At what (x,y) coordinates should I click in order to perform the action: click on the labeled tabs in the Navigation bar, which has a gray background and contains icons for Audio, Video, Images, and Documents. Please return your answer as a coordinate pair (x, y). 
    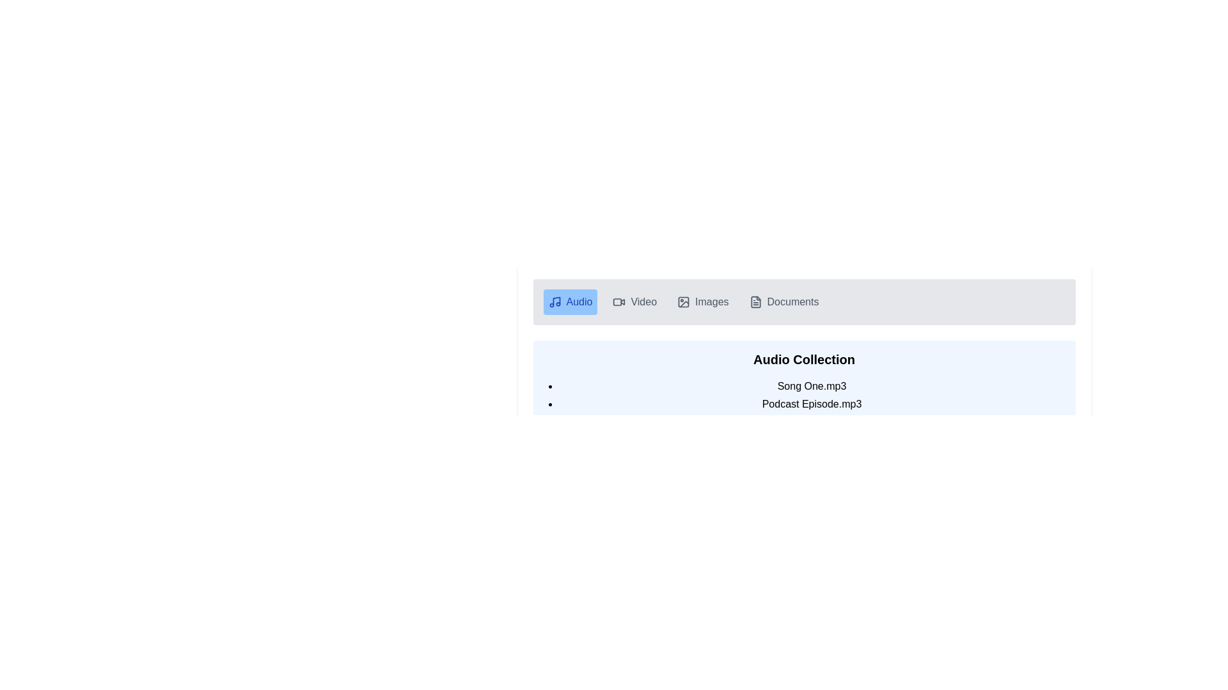
    Looking at the image, I should click on (803, 302).